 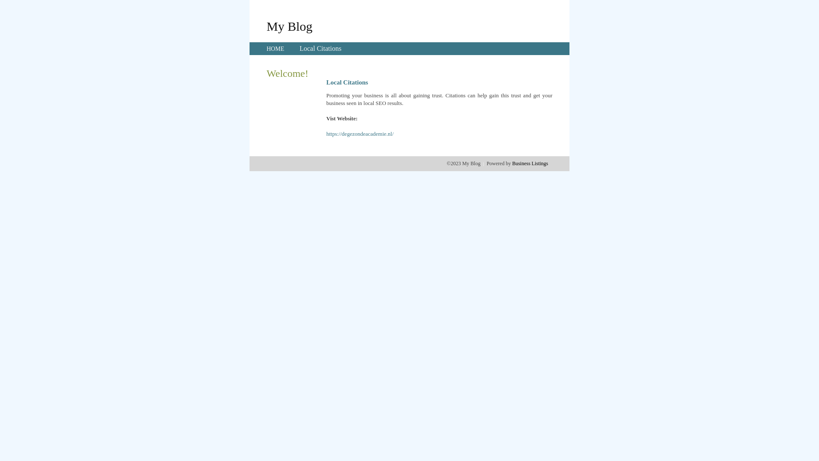 What do you see at coordinates (266, 26) in the screenshot?
I see `'My Blog'` at bounding box center [266, 26].